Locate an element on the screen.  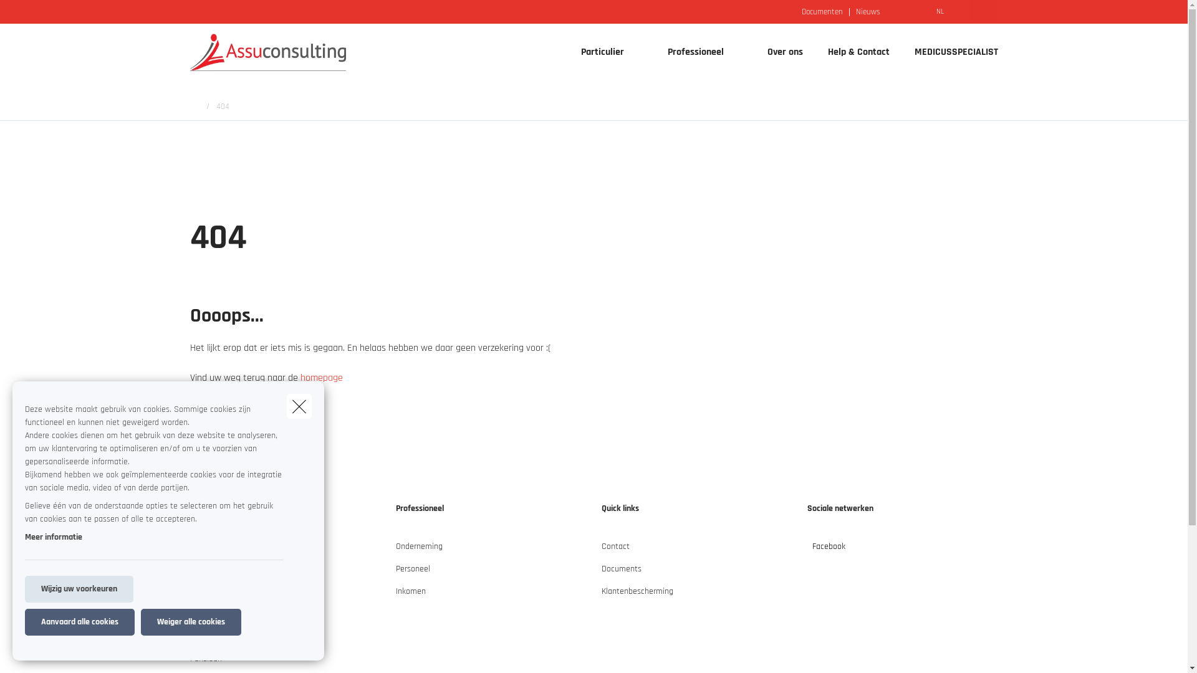
'Documenten' is located at coordinates (822, 11).